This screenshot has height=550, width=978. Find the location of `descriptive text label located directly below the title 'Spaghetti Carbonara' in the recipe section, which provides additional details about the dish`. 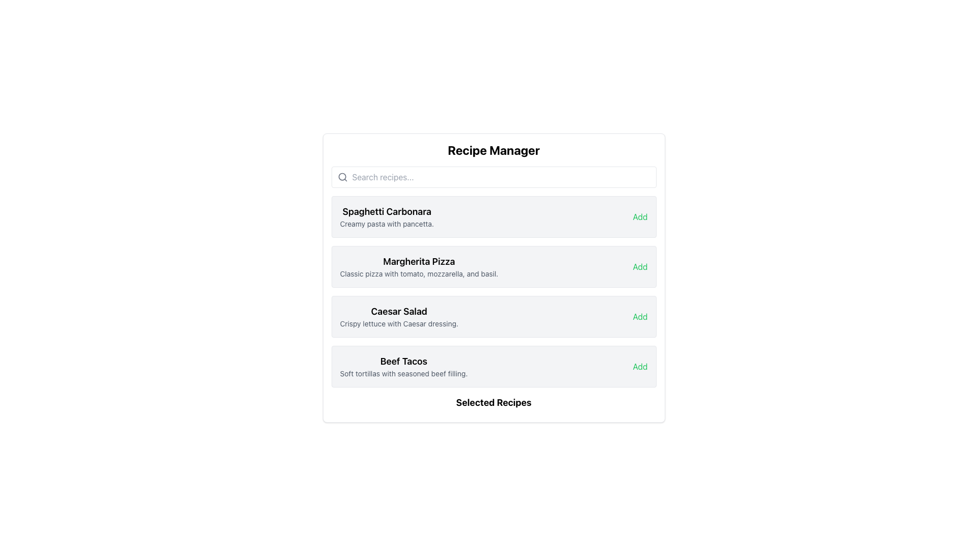

descriptive text label located directly below the title 'Spaghetti Carbonara' in the recipe section, which provides additional details about the dish is located at coordinates (386, 223).